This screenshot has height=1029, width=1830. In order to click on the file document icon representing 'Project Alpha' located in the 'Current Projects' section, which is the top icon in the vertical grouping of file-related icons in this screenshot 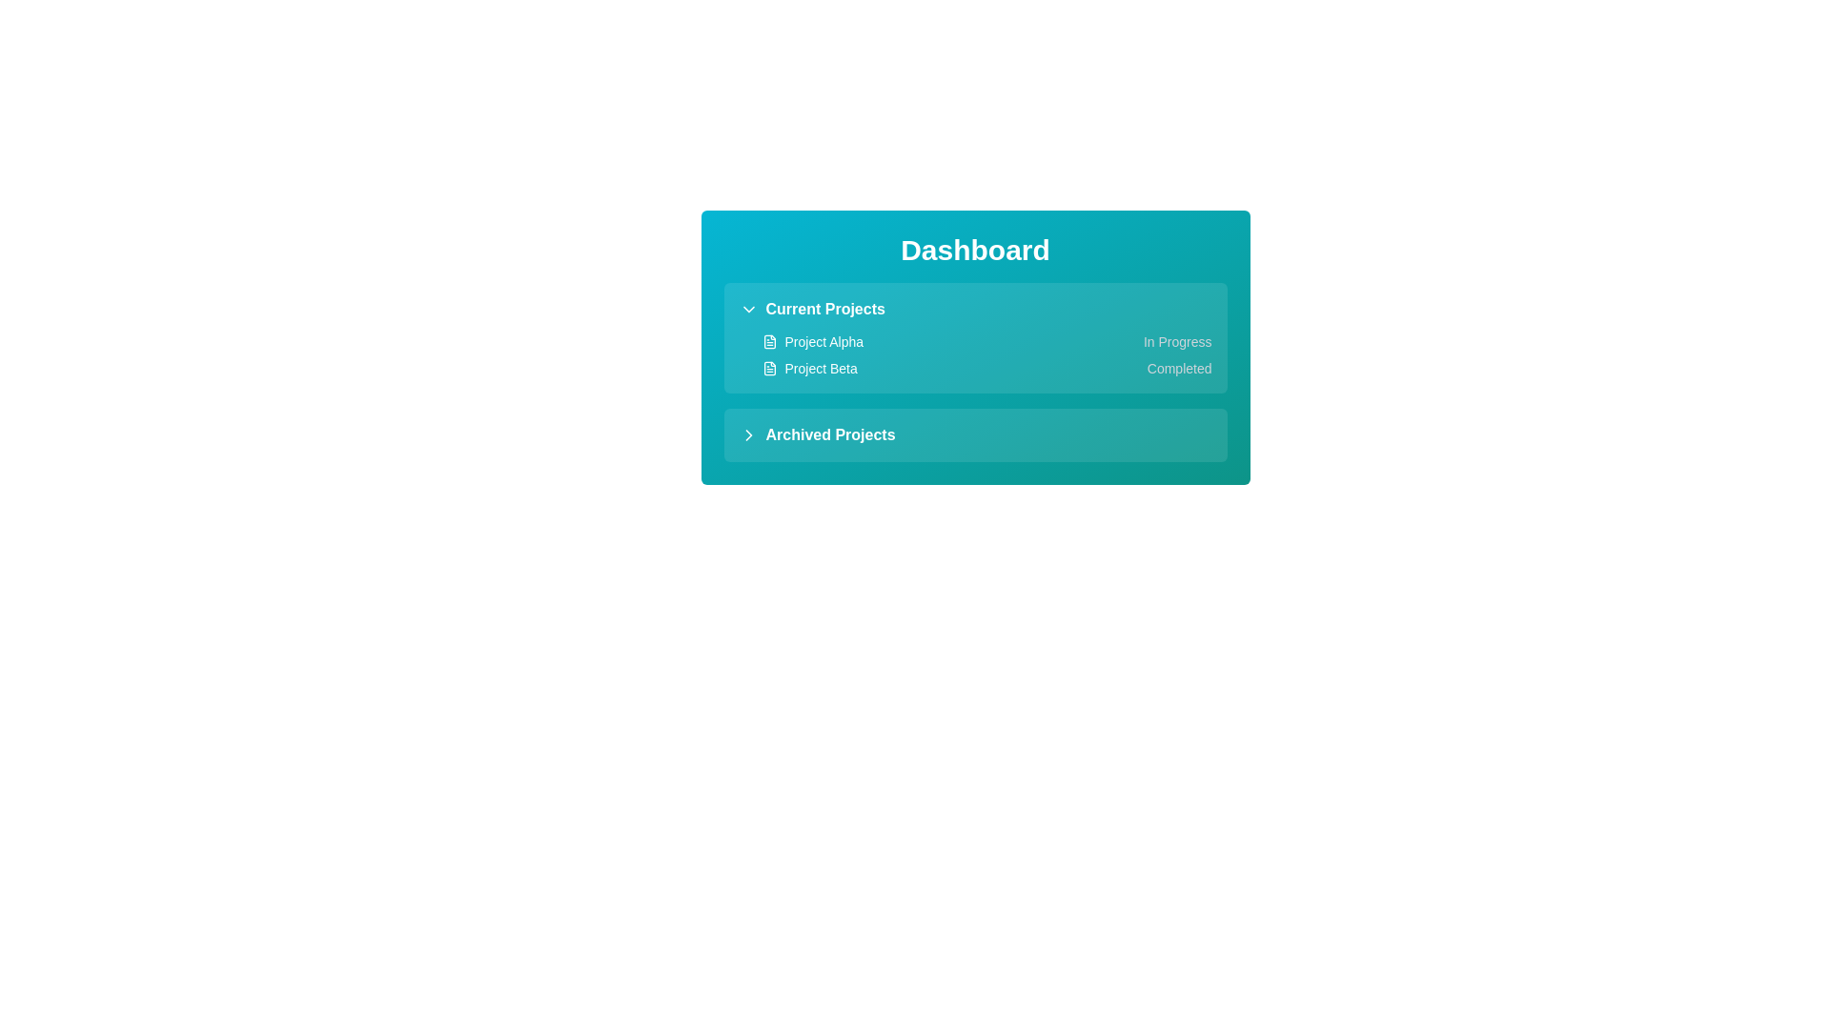, I will do `click(769, 340)`.